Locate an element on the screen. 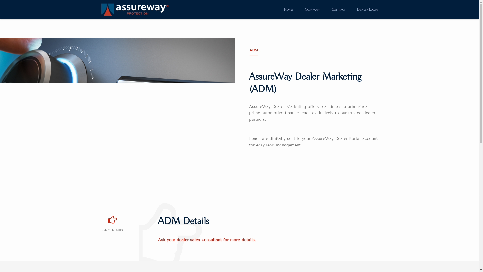 This screenshot has width=483, height=272. 'Home' is located at coordinates (288, 9).